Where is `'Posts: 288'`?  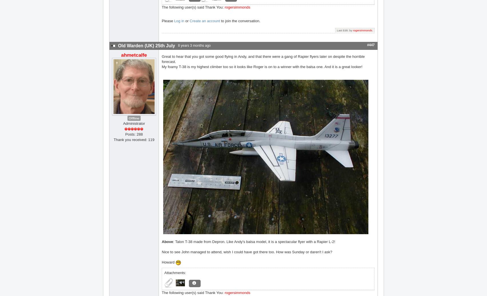 'Posts: 288' is located at coordinates (125, 134).